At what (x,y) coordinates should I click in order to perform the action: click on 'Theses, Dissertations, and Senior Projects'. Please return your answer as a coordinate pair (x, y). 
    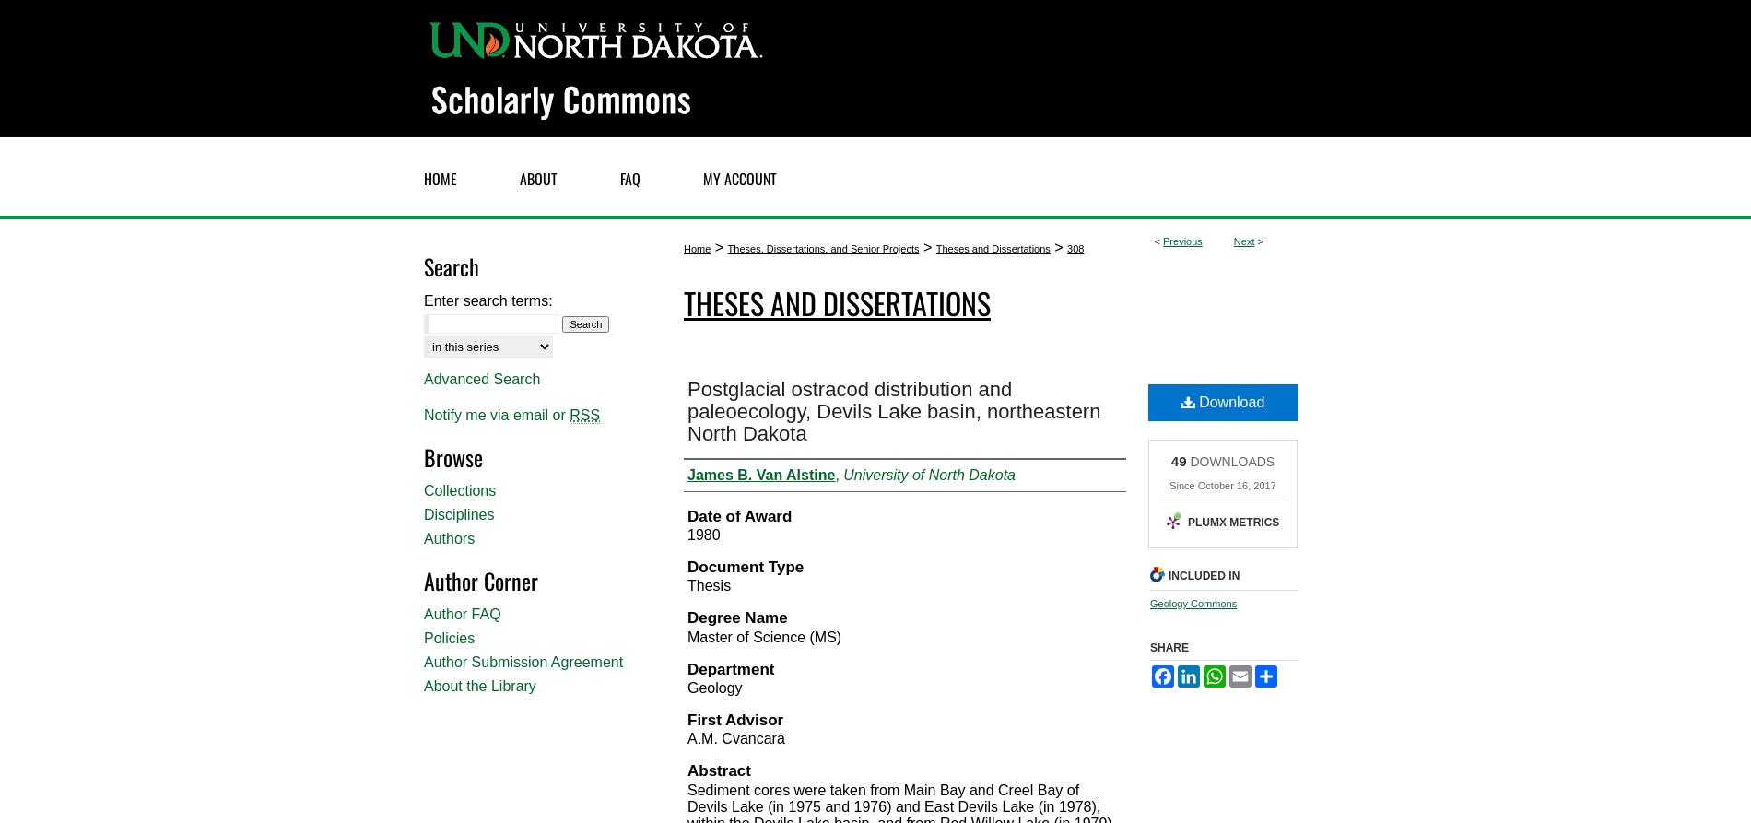
    Looking at the image, I should click on (822, 248).